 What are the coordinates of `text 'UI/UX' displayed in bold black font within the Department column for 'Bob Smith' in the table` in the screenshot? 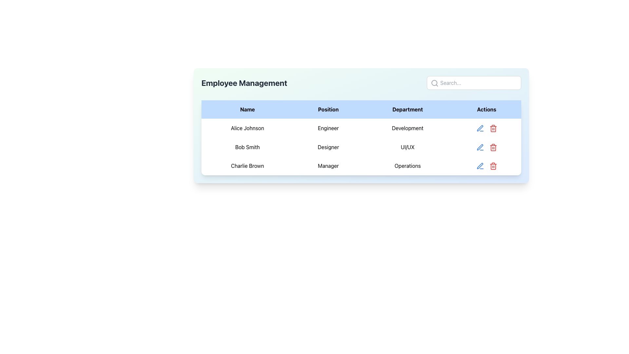 It's located at (407, 147).